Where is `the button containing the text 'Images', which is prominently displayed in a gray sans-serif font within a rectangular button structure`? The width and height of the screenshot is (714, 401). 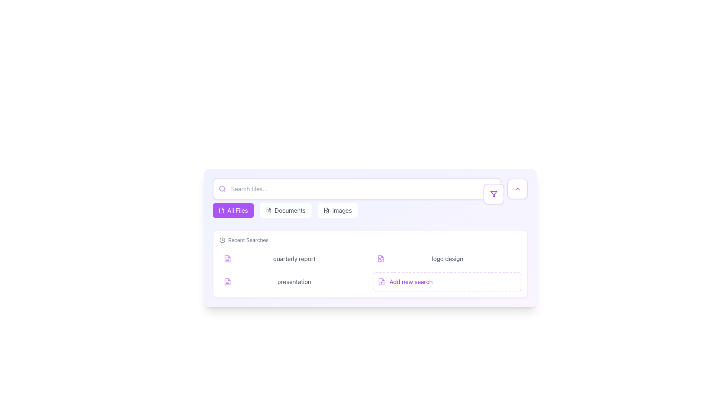
the button containing the text 'Images', which is prominently displayed in a gray sans-serif font within a rectangular button structure is located at coordinates (341, 211).